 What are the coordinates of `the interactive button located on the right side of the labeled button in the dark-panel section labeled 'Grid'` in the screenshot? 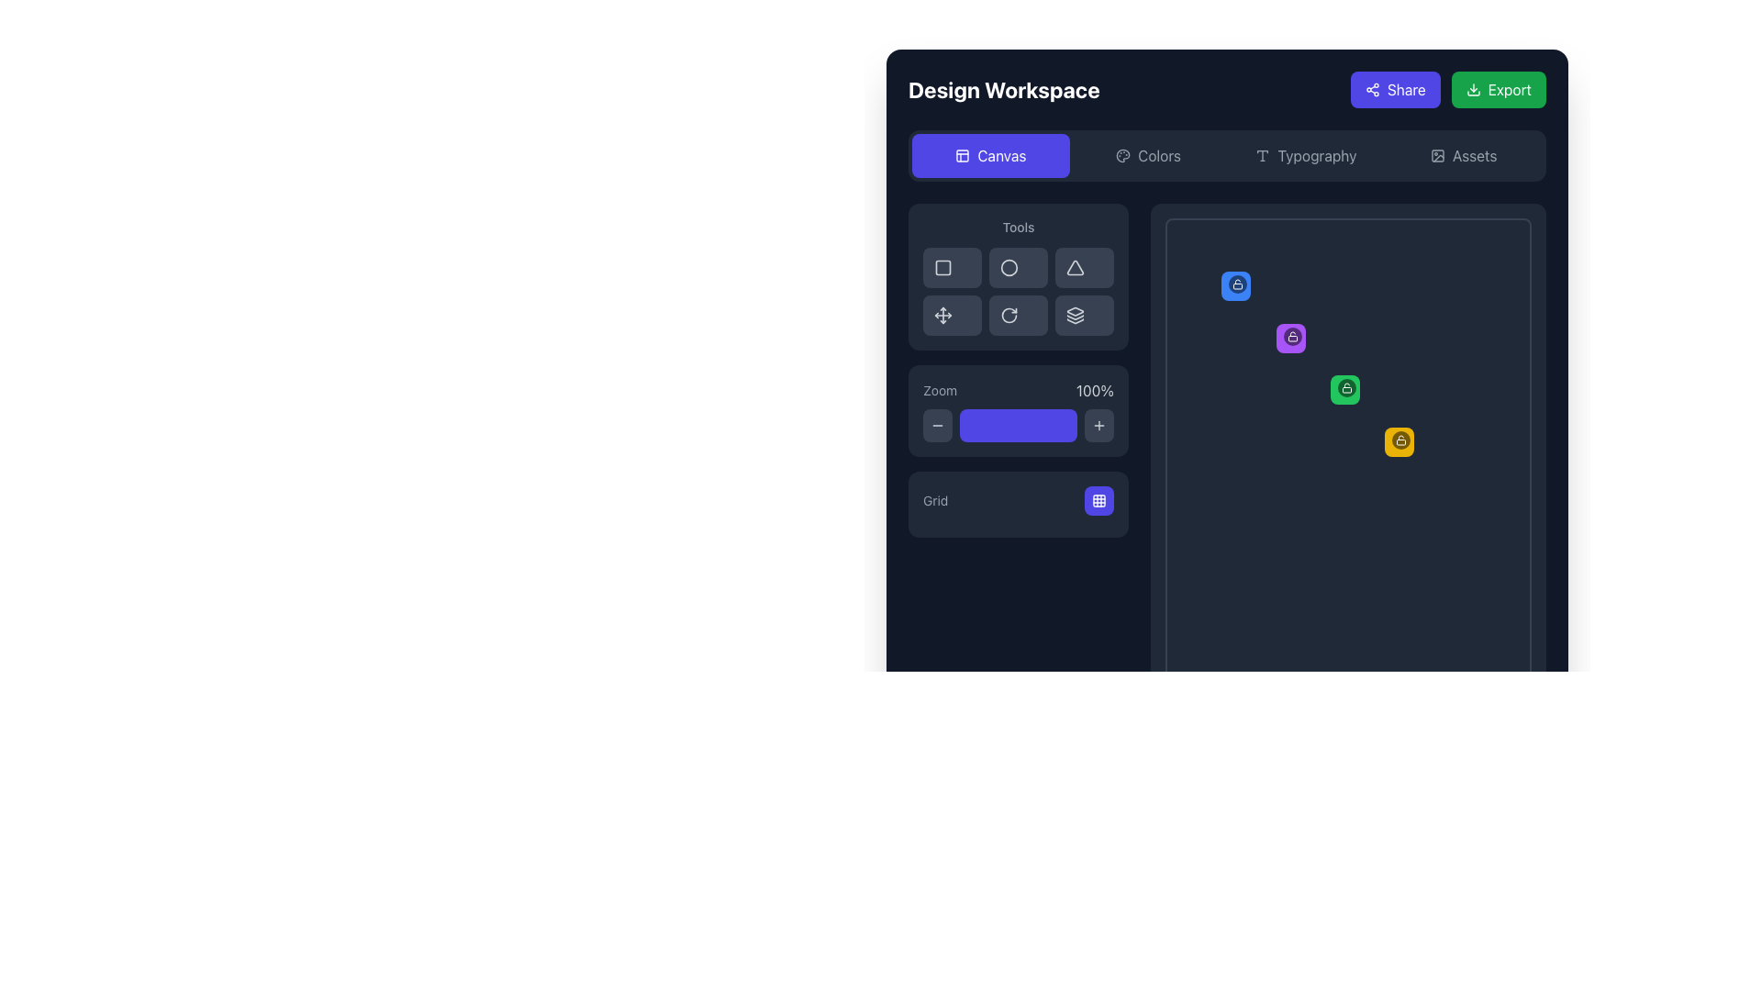 It's located at (1017, 501).